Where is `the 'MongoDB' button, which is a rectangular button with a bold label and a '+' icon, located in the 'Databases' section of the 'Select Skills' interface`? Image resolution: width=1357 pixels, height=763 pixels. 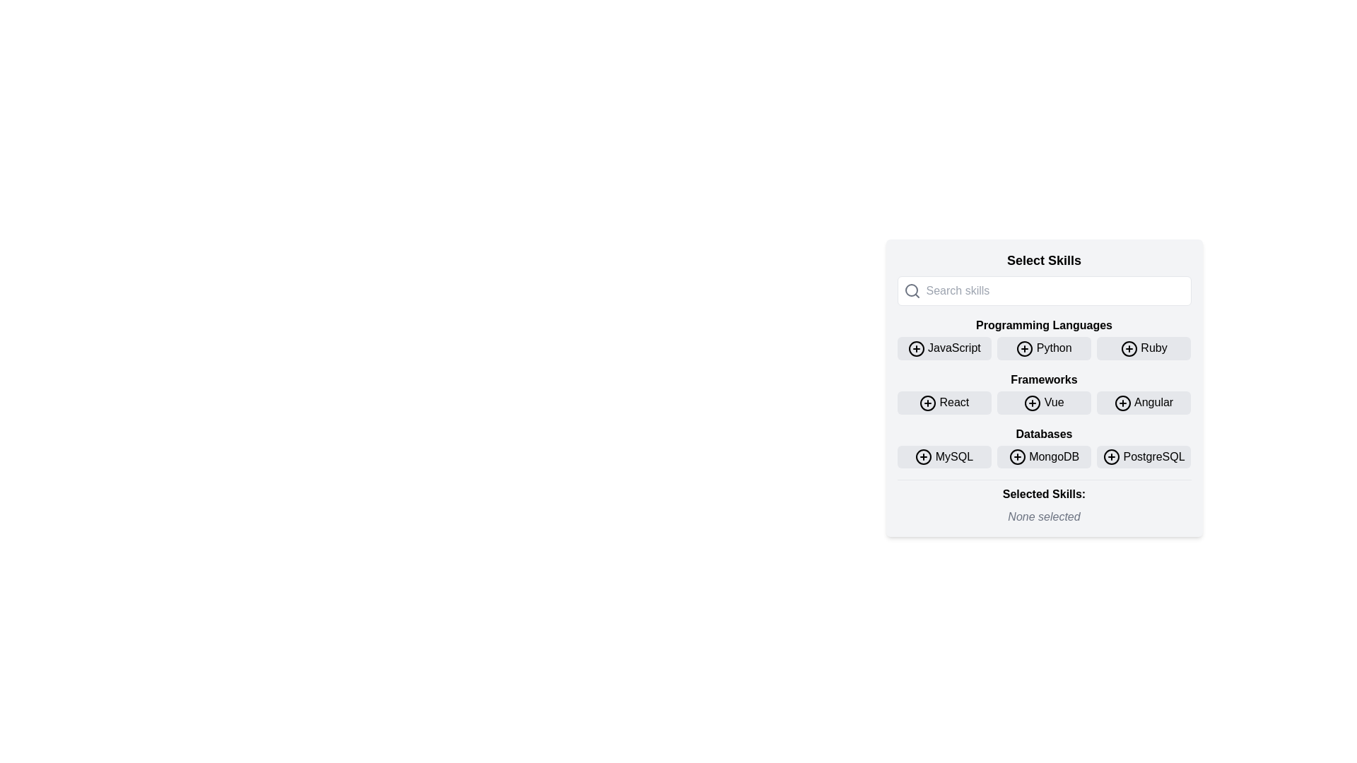
the 'MongoDB' button, which is a rectangular button with a bold label and a '+' icon, located in the 'Databases' section of the 'Select Skills' interface is located at coordinates (1044, 456).